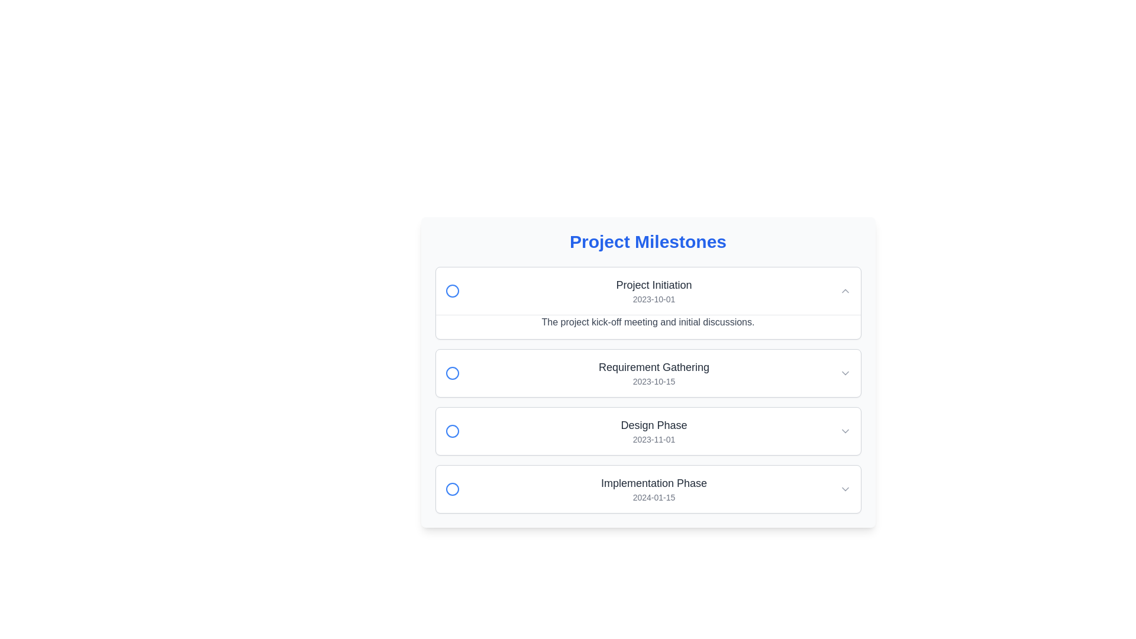  Describe the element at coordinates (653, 291) in the screenshot. I see `text information displayed in the 'Project Initiation' text-based UI component located above the date '2023-10-01' within the first item of the 'Project Milestones' vertical list` at that location.